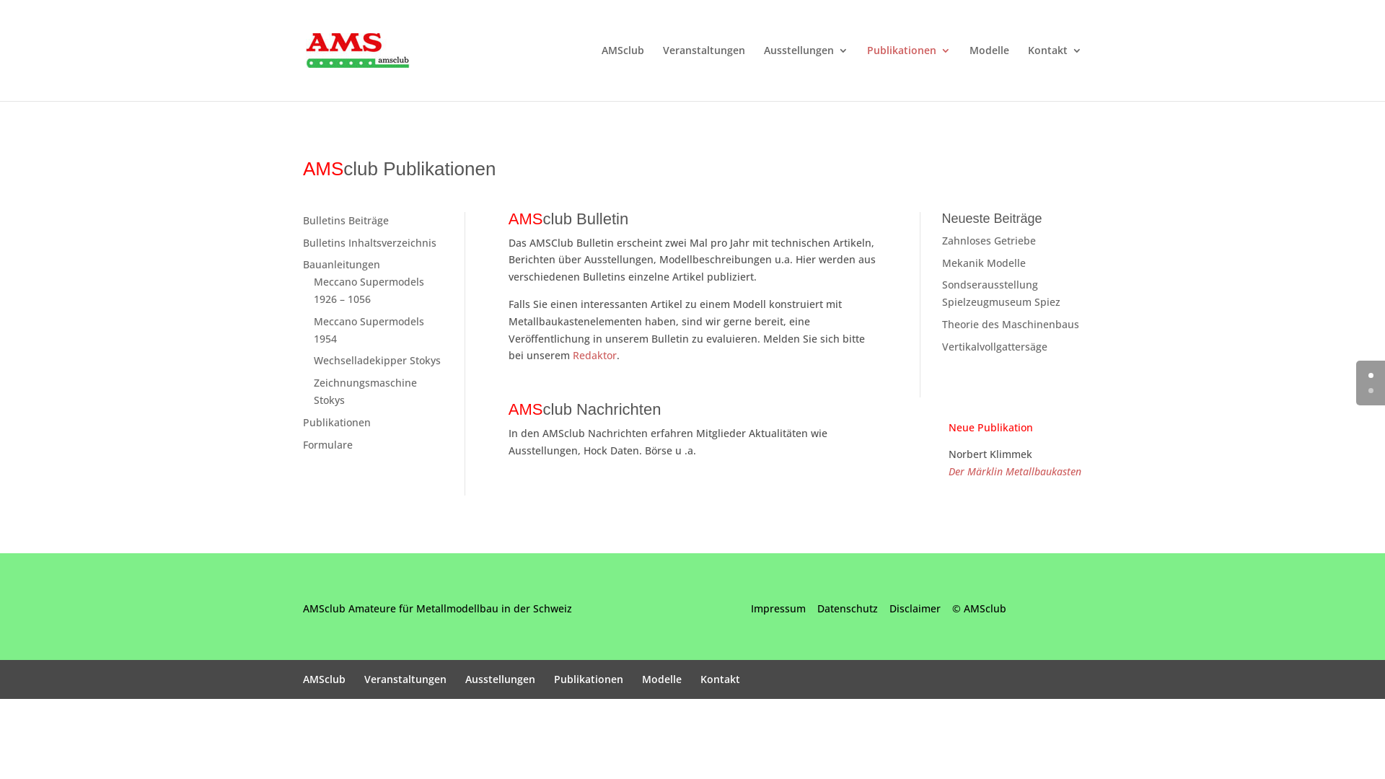  I want to click on 'Formulare', so click(327, 444).